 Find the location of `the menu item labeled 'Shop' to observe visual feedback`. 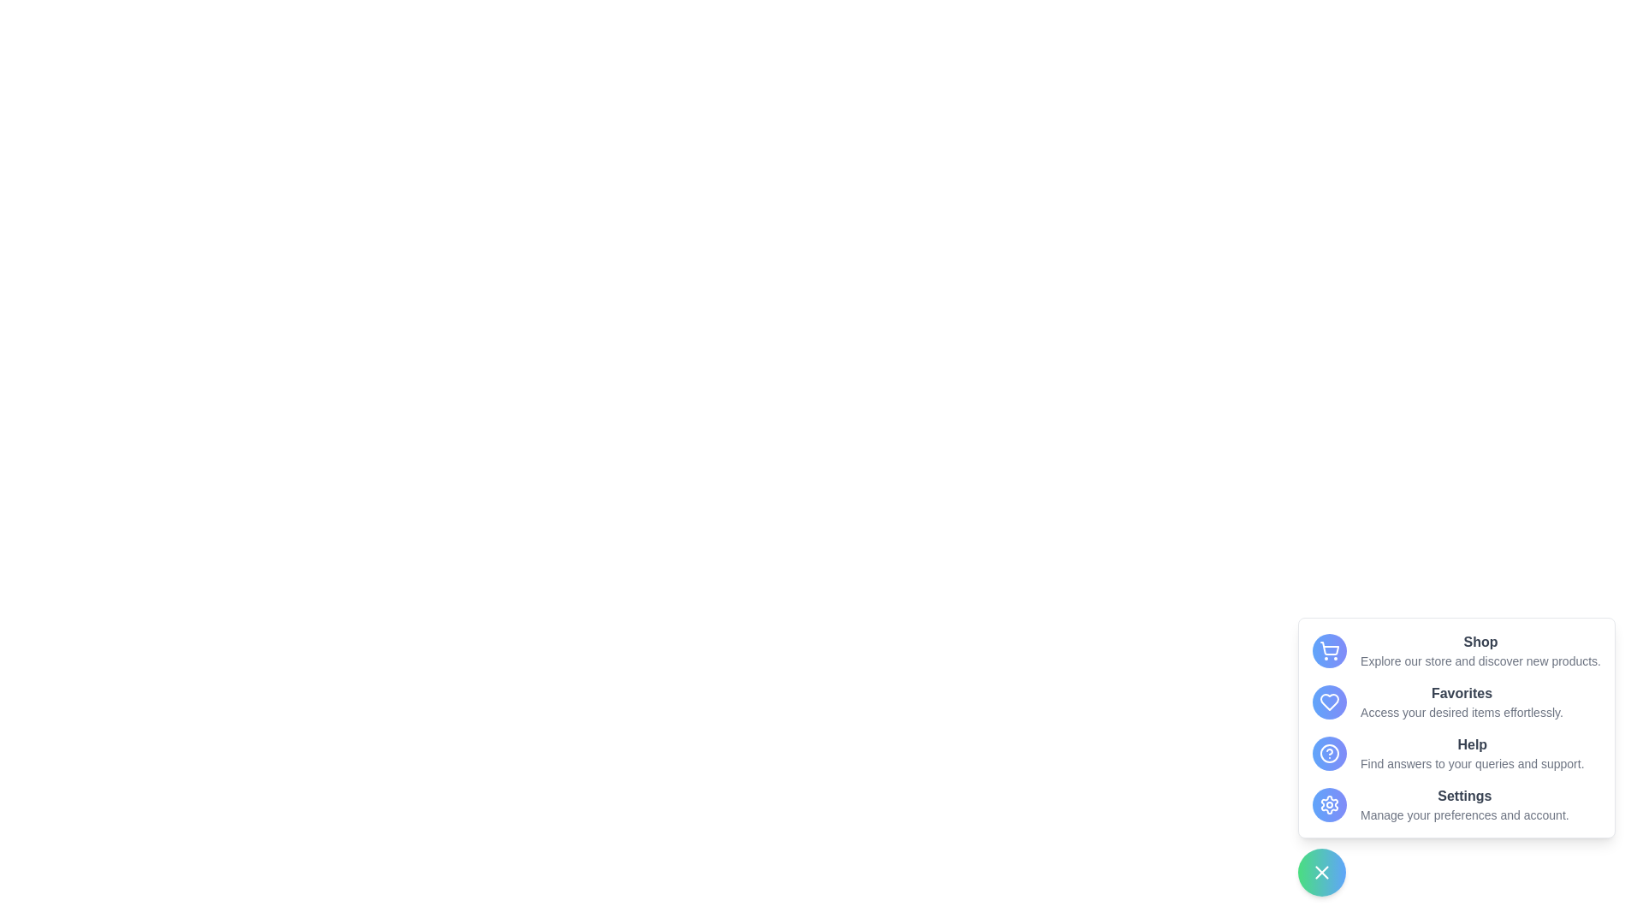

the menu item labeled 'Shop' to observe visual feedback is located at coordinates (1456, 650).